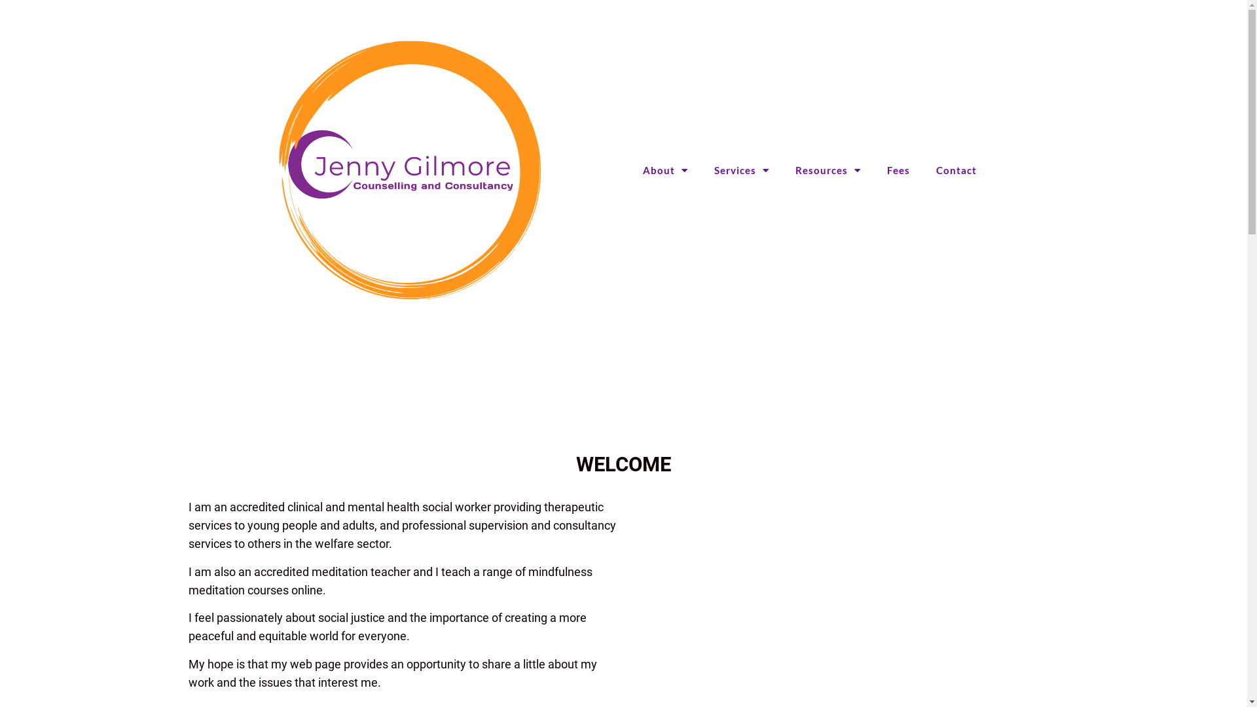 The height and width of the screenshot is (707, 1257). I want to click on 'Contact', so click(956, 169).